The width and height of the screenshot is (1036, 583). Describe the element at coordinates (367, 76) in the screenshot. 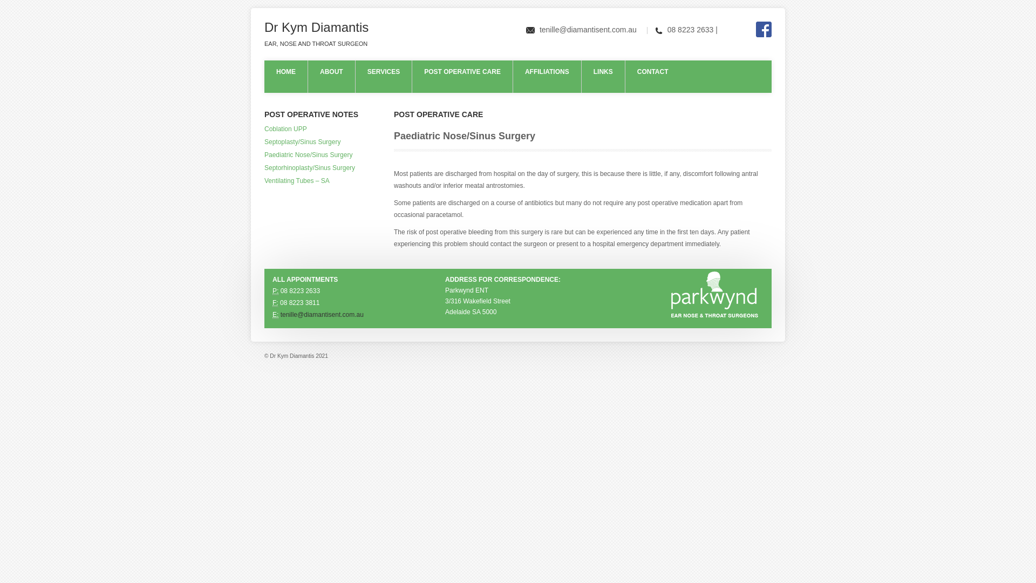

I see `'SERVICES'` at that location.